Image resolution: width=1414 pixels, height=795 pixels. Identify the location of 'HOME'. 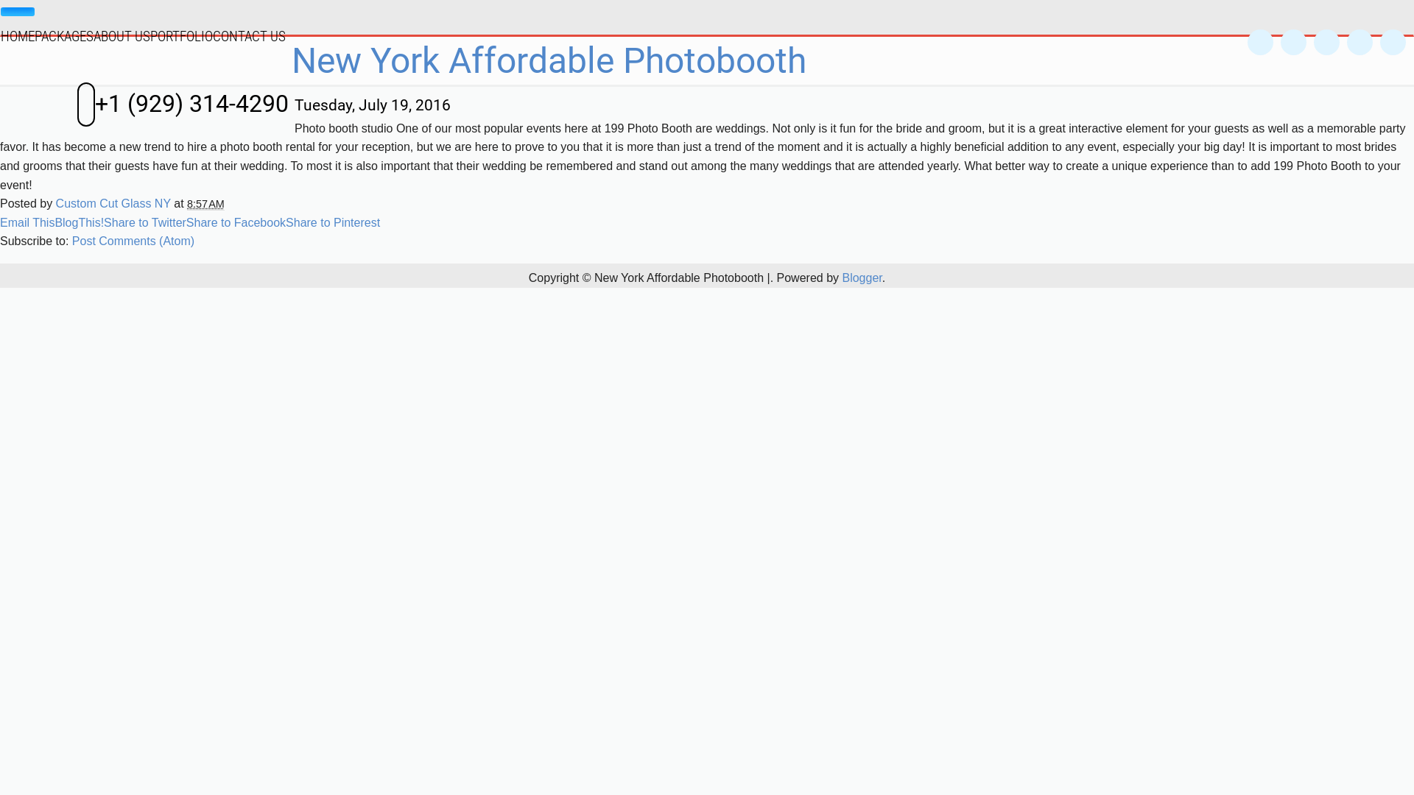
(18, 34).